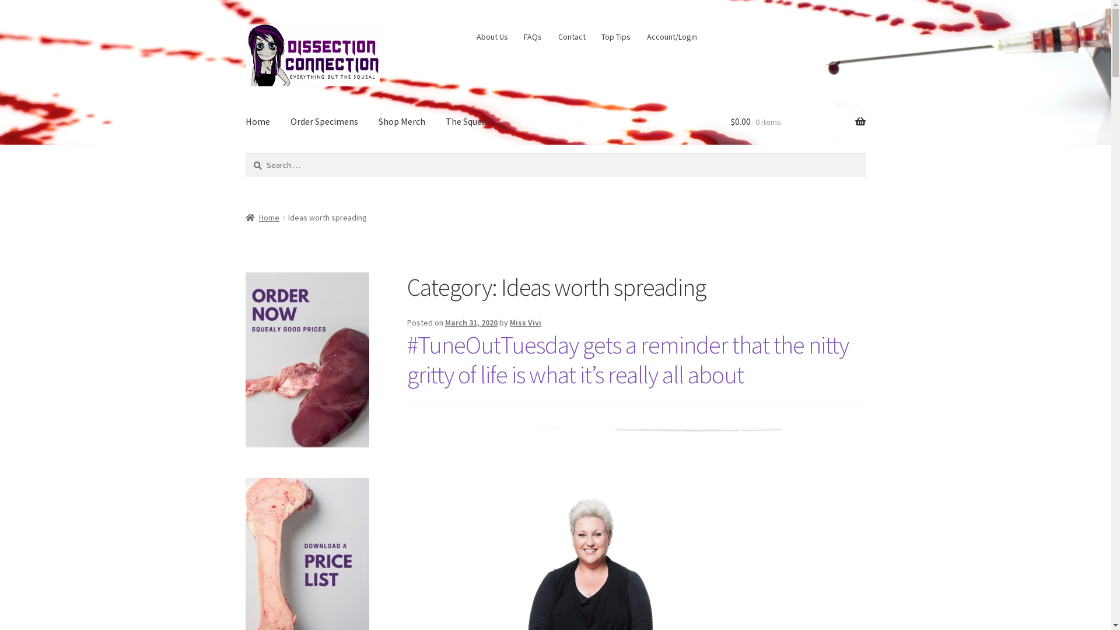 The height and width of the screenshot is (630, 1120). I want to click on 'Miss Vivi', so click(525, 322).